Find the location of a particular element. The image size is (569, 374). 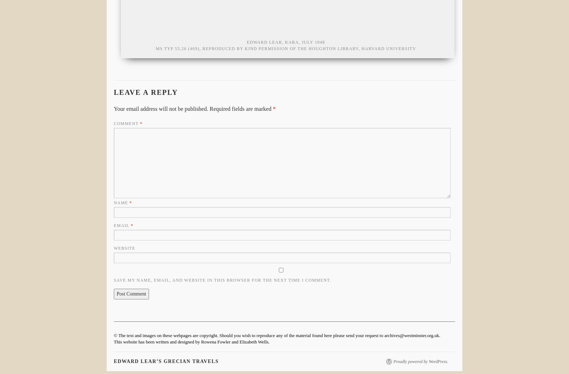

'Website' is located at coordinates (124, 248).